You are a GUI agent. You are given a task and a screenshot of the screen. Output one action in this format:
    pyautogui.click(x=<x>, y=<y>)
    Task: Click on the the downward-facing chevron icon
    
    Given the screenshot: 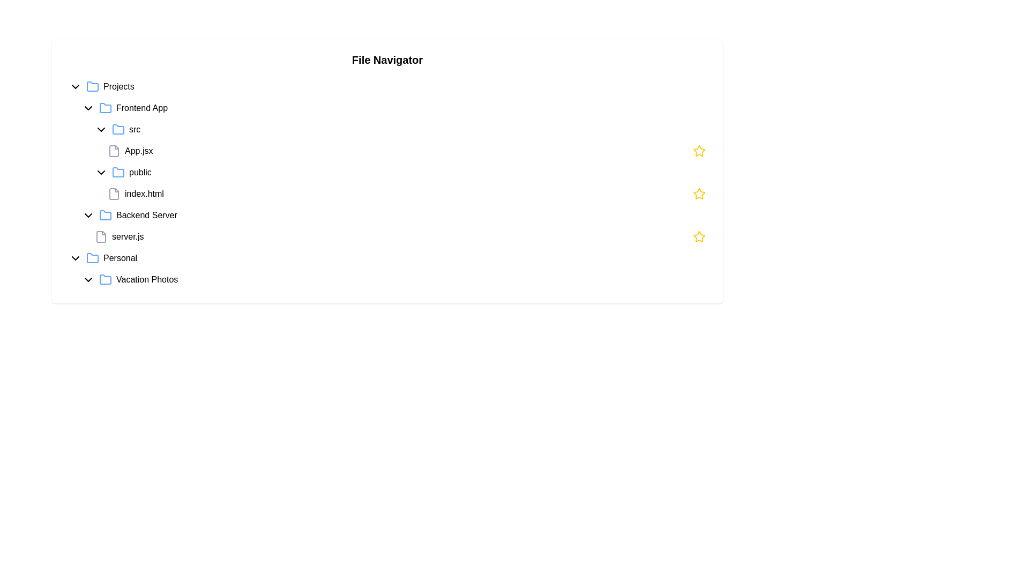 What is the action you would take?
    pyautogui.click(x=88, y=108)
    